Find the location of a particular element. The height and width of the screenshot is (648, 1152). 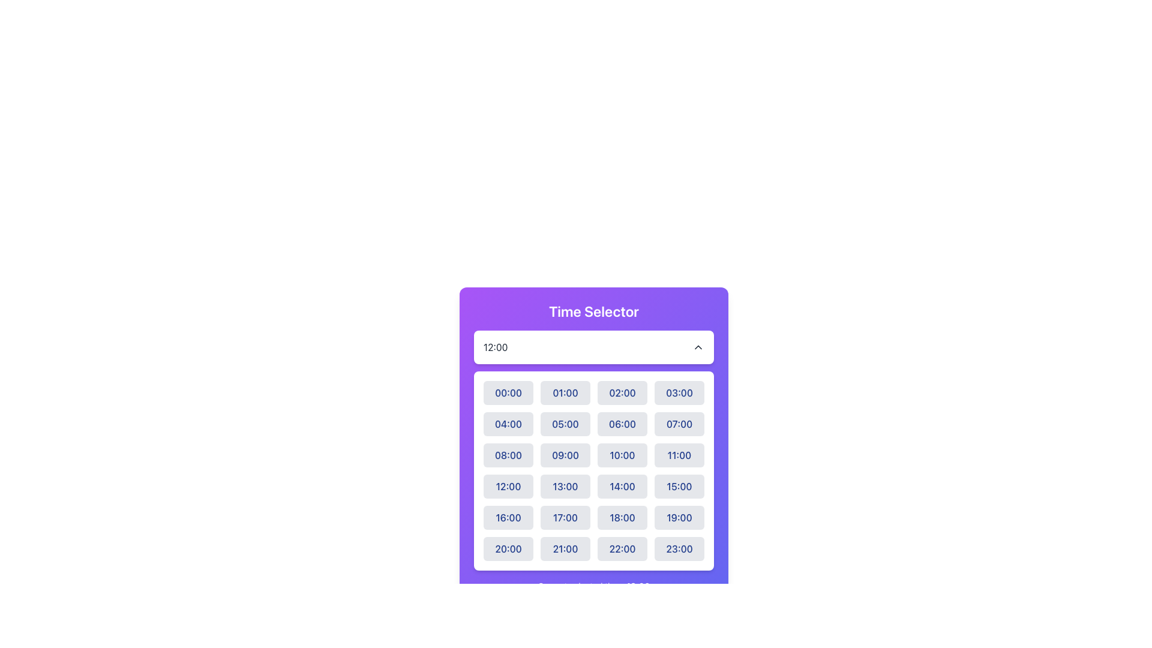

the rectangular button with rounded corners displaying '13:00' to change its color is located at coordinates (565, 486).